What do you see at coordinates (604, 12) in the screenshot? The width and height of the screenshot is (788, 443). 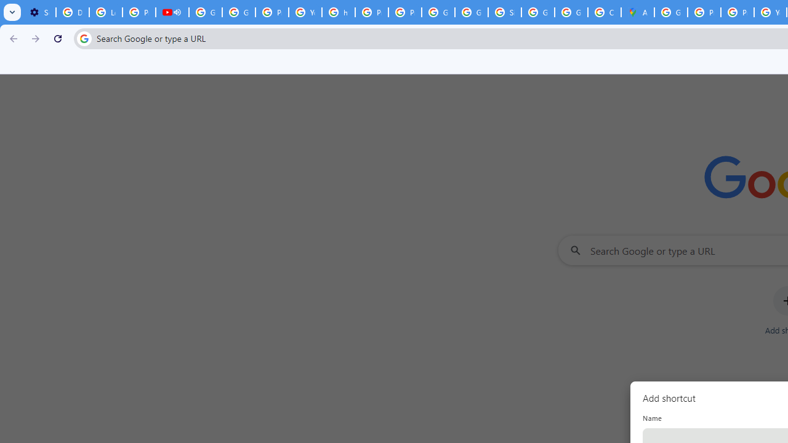 I see `'Create your Google Account'` at bounding box center [604, 12].